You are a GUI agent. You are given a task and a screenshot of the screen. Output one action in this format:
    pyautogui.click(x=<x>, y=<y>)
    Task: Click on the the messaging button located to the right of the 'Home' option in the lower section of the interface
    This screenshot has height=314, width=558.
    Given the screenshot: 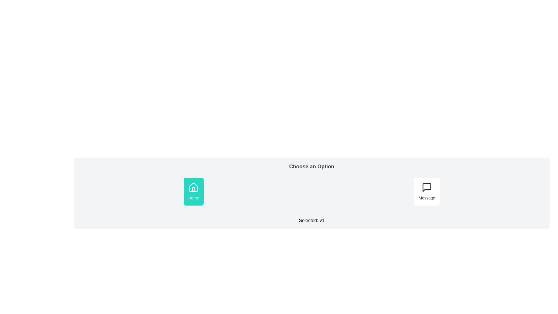 What is the action you would take?
    pyautogui.click(x=427, y=192)
    